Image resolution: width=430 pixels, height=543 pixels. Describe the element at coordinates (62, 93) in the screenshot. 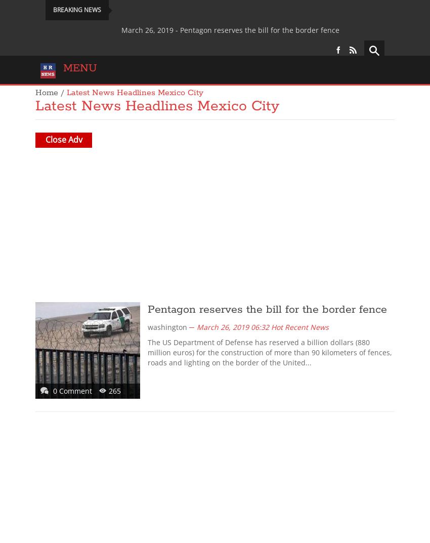

I see `'/'` at that location.